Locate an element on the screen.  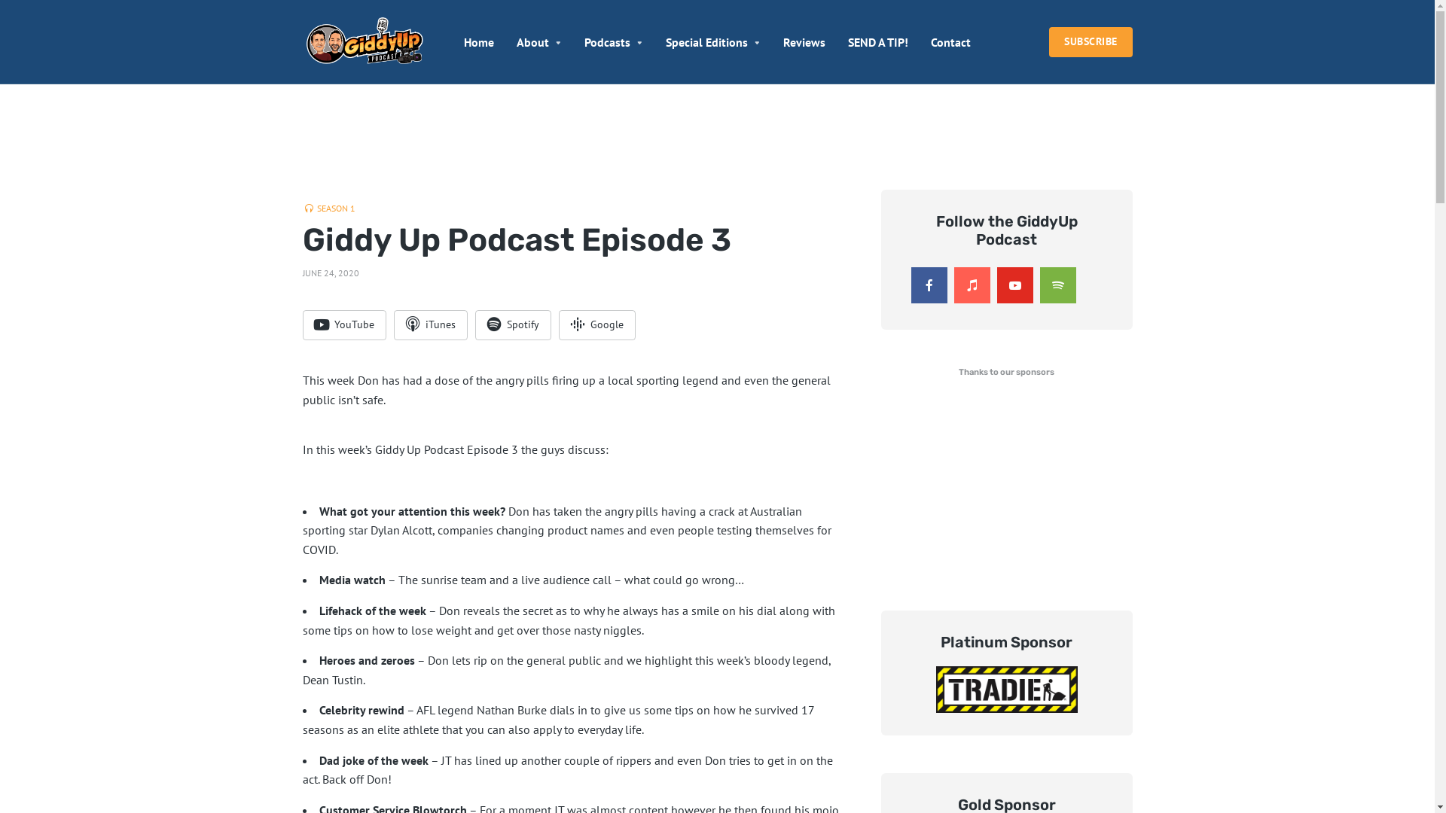
'Spotify' is located at coordinates (512, 324).